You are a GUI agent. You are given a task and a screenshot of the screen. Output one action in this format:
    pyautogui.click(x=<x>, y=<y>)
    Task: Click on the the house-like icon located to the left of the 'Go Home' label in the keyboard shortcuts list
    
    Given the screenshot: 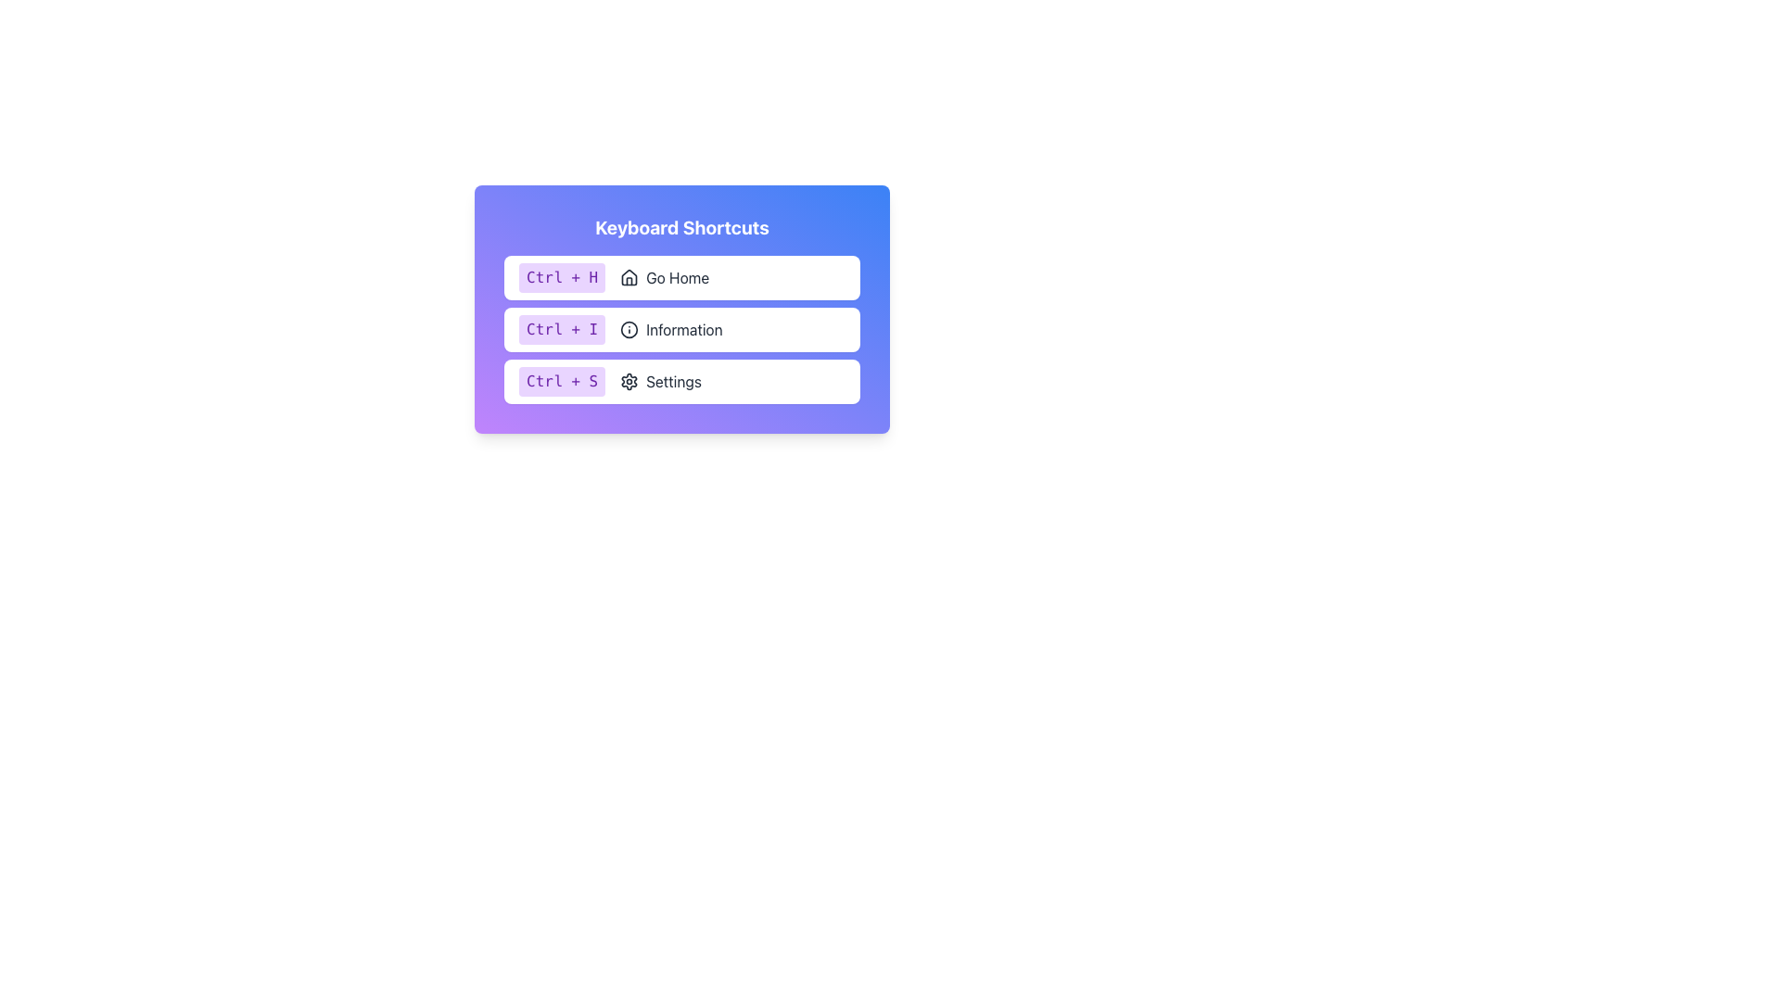 What is the action you would take?
    pyautogui.click(x=629, y=278)
    